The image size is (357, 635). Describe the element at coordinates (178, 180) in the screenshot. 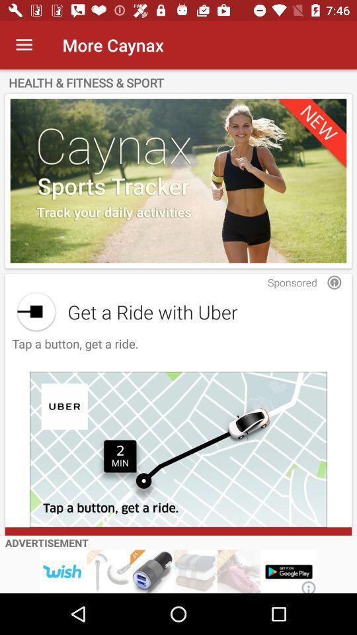

I see `the option which says new` at that location.